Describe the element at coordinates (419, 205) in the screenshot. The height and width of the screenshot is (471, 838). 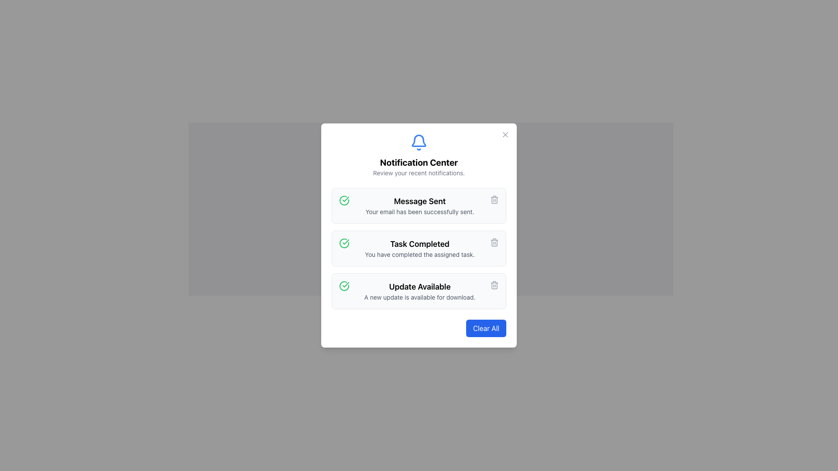
I see `the Notification item that has a heading titled 'Message Sent' and a subtitle stating 'Your email has been successfully sent.'` at that location.